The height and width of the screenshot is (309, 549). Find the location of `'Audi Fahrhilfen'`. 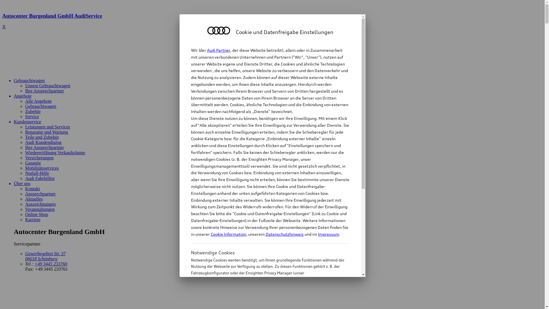

'Audi Fahrhilfen' is located at coordinates (39, 178).